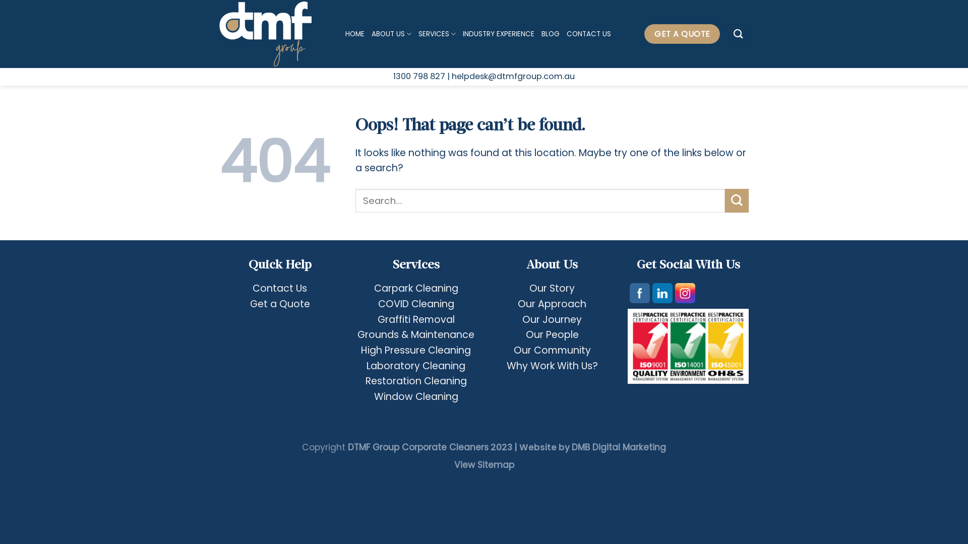 The image size is (968, 544). Describe the element at coordinates (685, 293) in the screenshot. I see `'Instagram'` at that location.